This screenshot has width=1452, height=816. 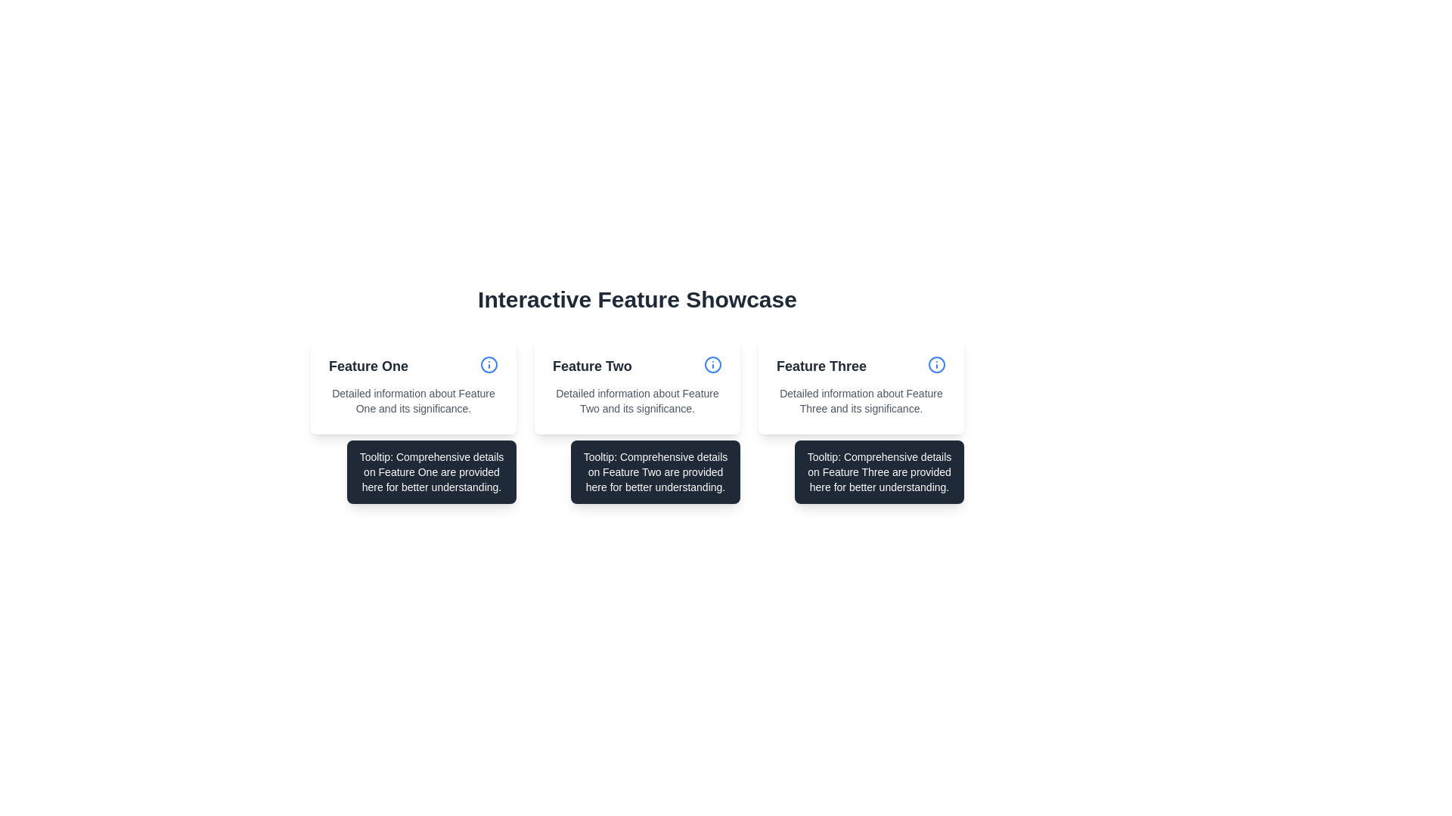 I want to click on the informational icon located to the right of the header text 'Feature Two', so click(x=712, y=366).